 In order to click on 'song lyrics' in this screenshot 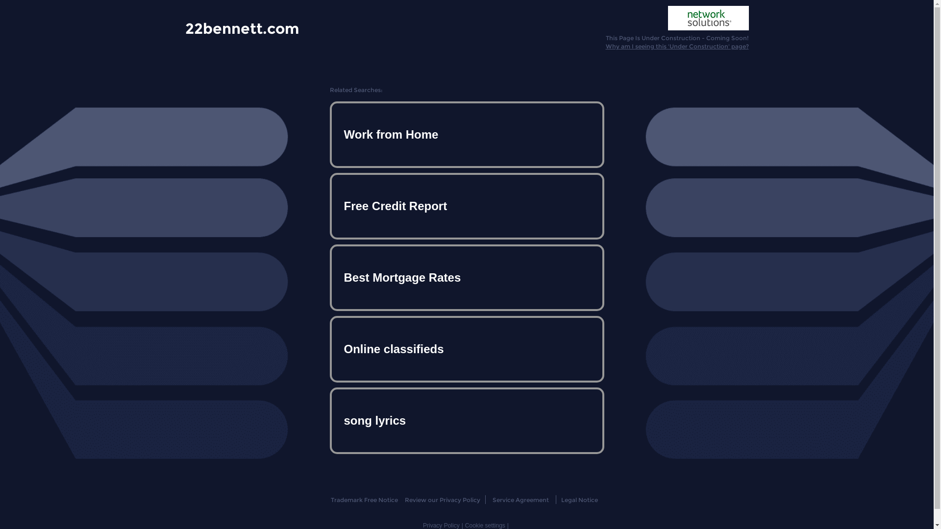, I will do `click(466, 420)`.